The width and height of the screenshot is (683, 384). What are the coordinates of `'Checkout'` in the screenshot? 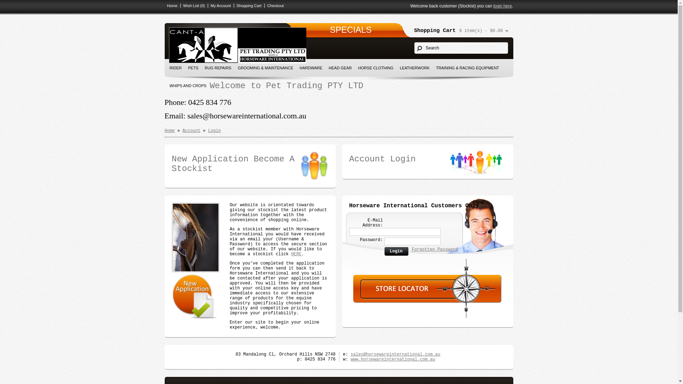 It's located at (273, 5).